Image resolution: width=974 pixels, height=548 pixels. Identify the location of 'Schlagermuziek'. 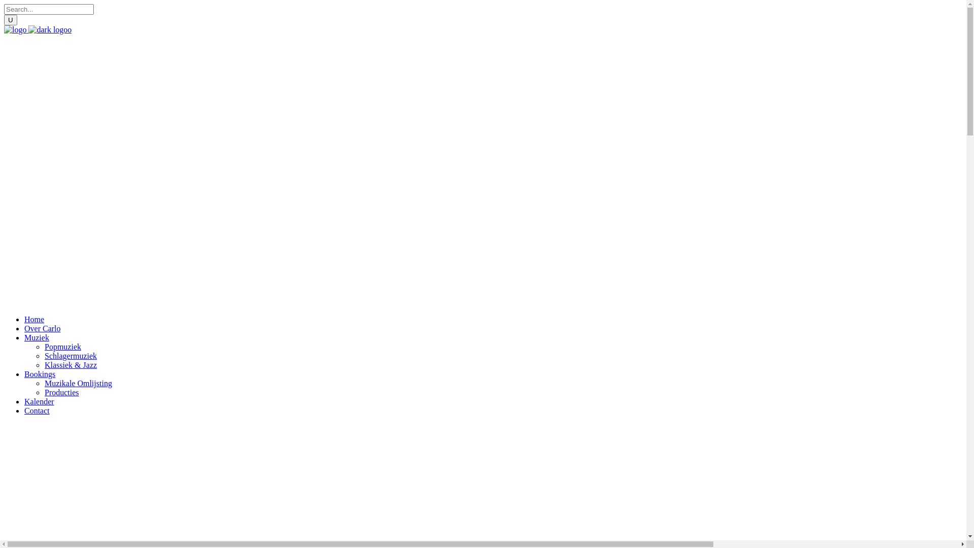
(70, 355).